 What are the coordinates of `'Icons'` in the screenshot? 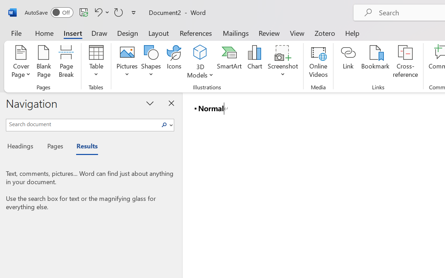 It's located at (174, 62).